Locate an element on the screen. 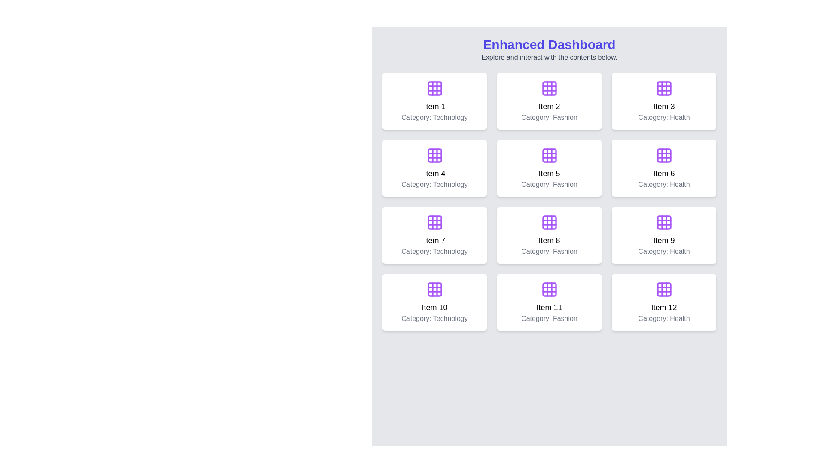 The image size is (825, 464). the text label displaying 'Category: Health' which is centered at the bottom of the white card labeled 'Item 3' is located at coordinates (663, 117).